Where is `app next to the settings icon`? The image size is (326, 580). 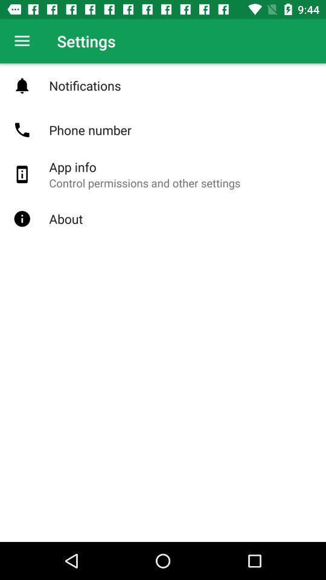
app next to the settings icon is located at coordinates (22, 41).